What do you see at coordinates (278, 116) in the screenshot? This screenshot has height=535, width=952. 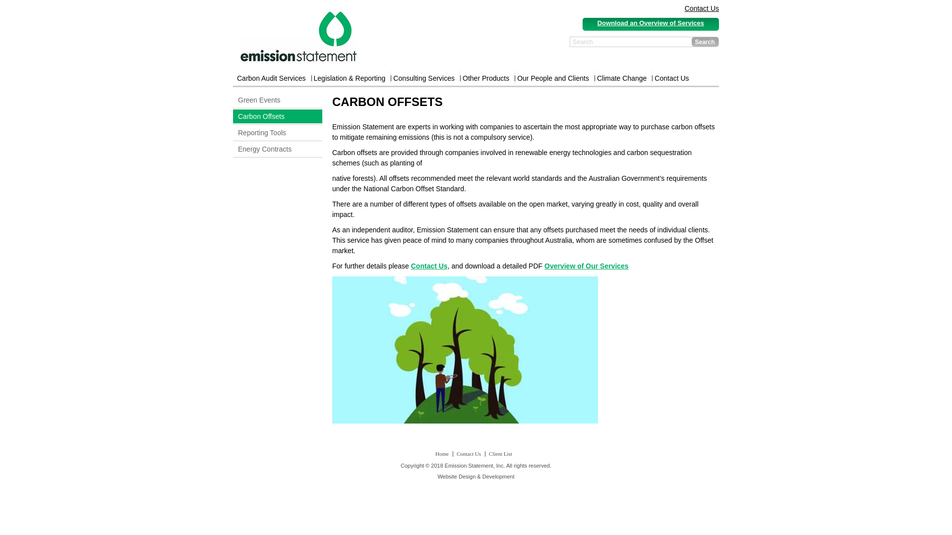 I see `'Carbon Offsets'` at bounding box center [278, 116].